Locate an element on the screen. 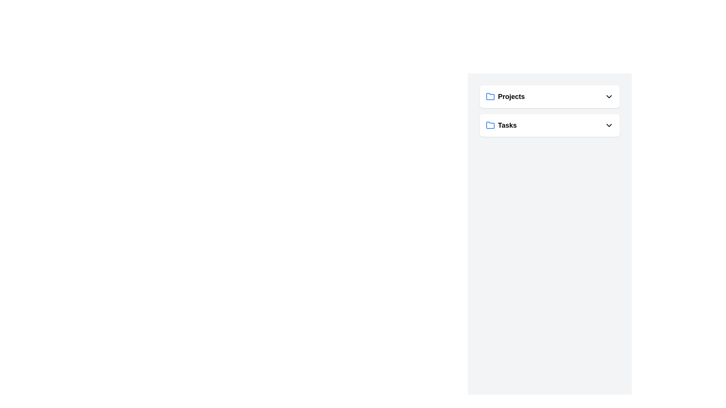 This screenshot has width=726, height=408. the Navigation Button located below the 'Projects' element is located at coordinates (501, 125).